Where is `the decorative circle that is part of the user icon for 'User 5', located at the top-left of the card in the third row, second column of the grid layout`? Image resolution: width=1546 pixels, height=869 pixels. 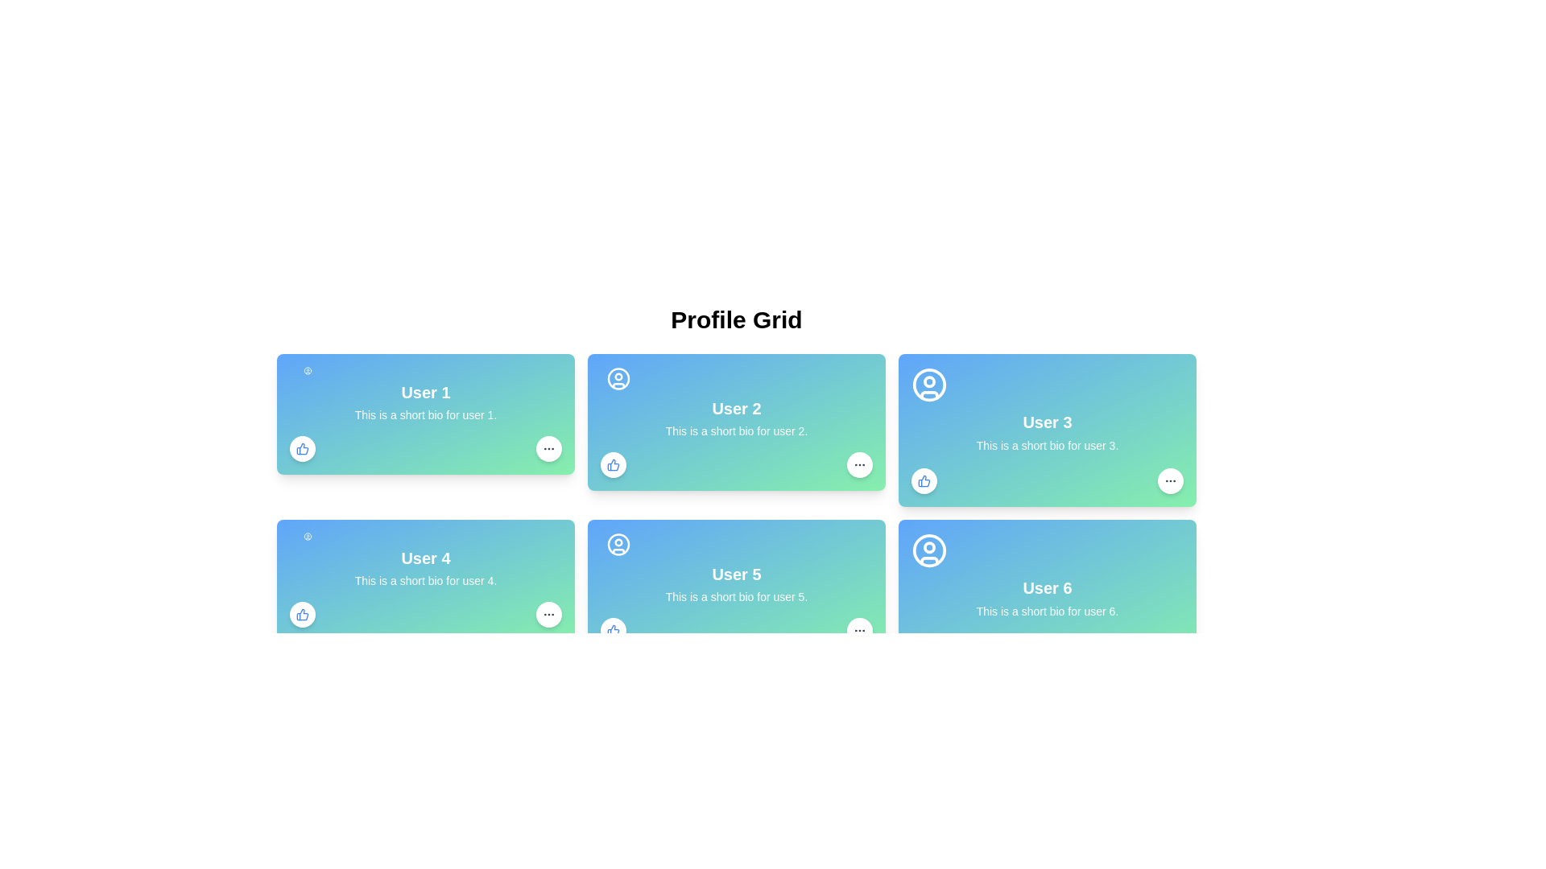 the decorative circle that is part of the user icon for 'User 5', located at the top-left of the card in the third row, second column of the grid layout is located at coordinates (618, 544).